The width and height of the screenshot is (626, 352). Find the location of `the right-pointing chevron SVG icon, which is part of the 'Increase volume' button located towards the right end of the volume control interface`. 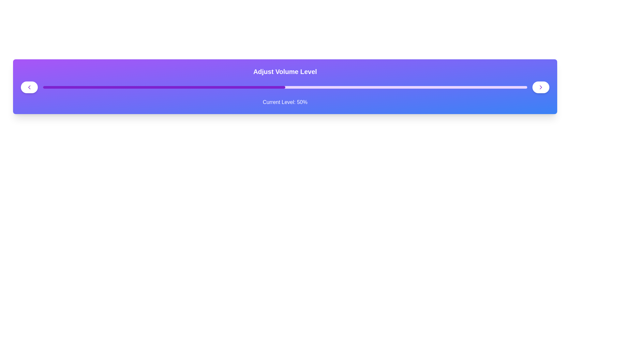

the right-pointing chevron SVG icon, which is part of the 'Increase volume' button located towards the right end of the volume control interface is located at coordinates (541, 87).